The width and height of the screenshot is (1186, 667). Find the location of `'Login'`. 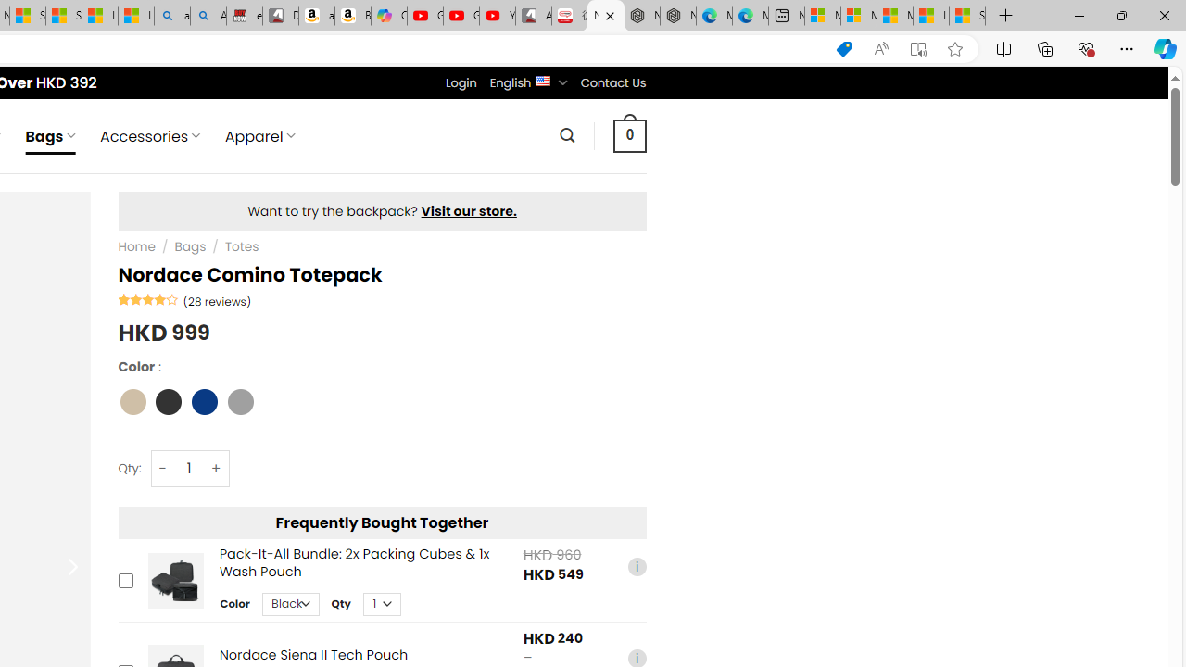

'Login' is located at coordinates (461, 82).